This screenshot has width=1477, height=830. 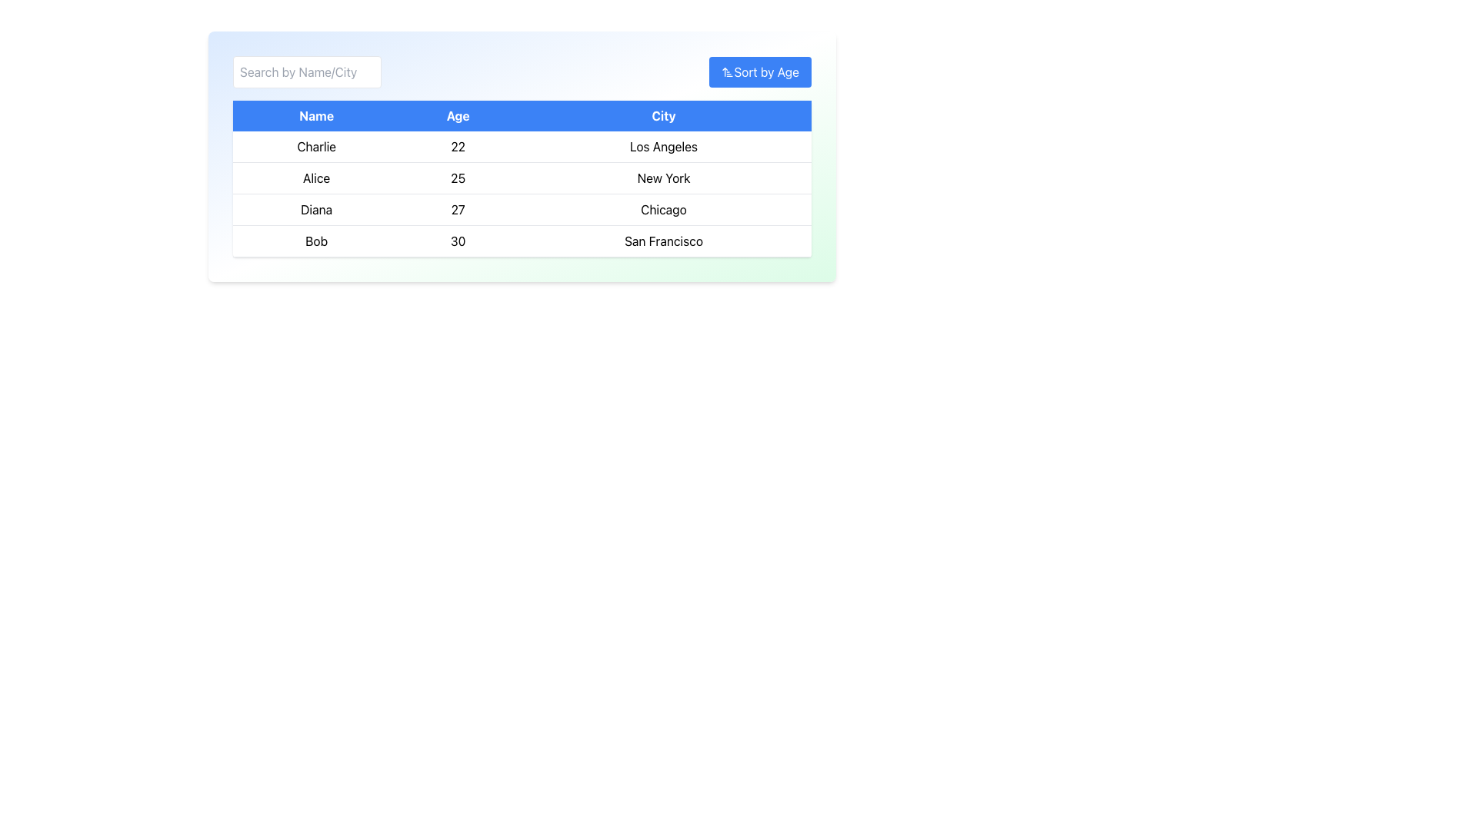 I want to click on the text element displaying the age of 'Diana' in the third row of the table under the 'Age' column, so click(x=457, y=210).